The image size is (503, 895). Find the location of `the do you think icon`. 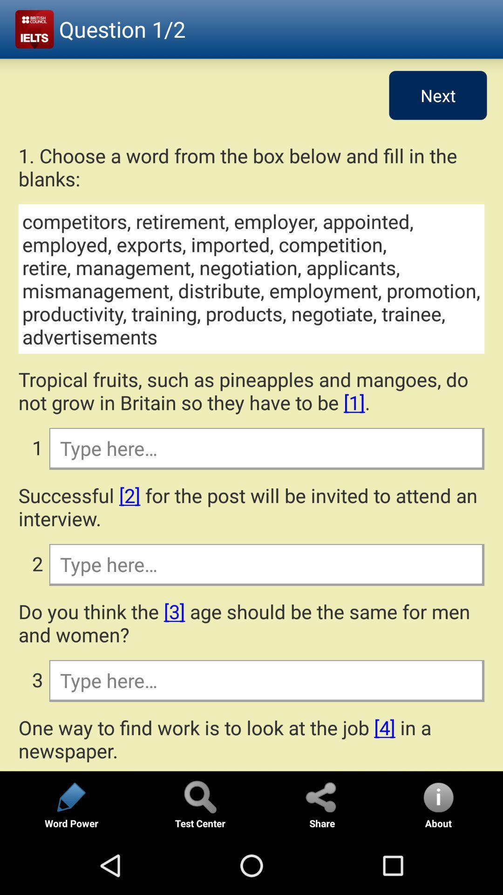

the do you think icon is located at coordinates (251, 623).